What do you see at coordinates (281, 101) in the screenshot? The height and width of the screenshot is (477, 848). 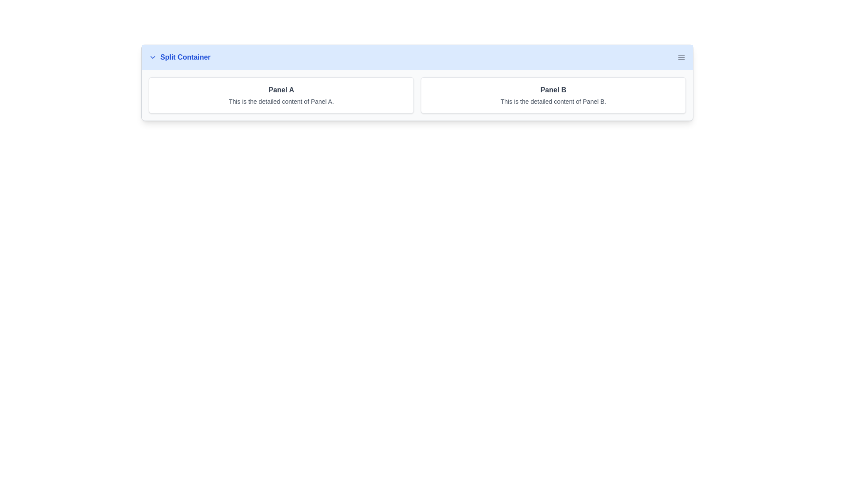 I see `the text element displaying 'This is the detailed content of Panel A.' located at the bottom of the left panel titled 'Panel A.'` at bounding box center [281, 101].